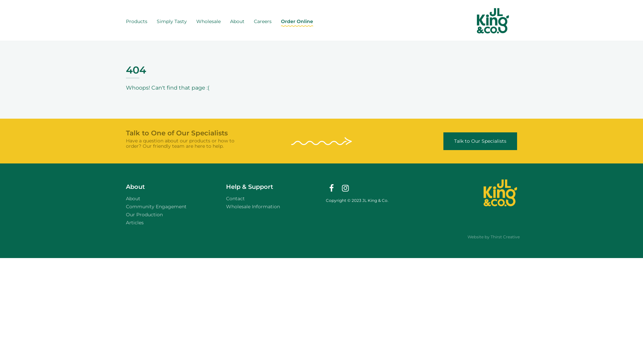 Image resolution: width=643 pixels, height=361 pixels. I want to click on 'Website by Thirst Creative', so click(493, 236).